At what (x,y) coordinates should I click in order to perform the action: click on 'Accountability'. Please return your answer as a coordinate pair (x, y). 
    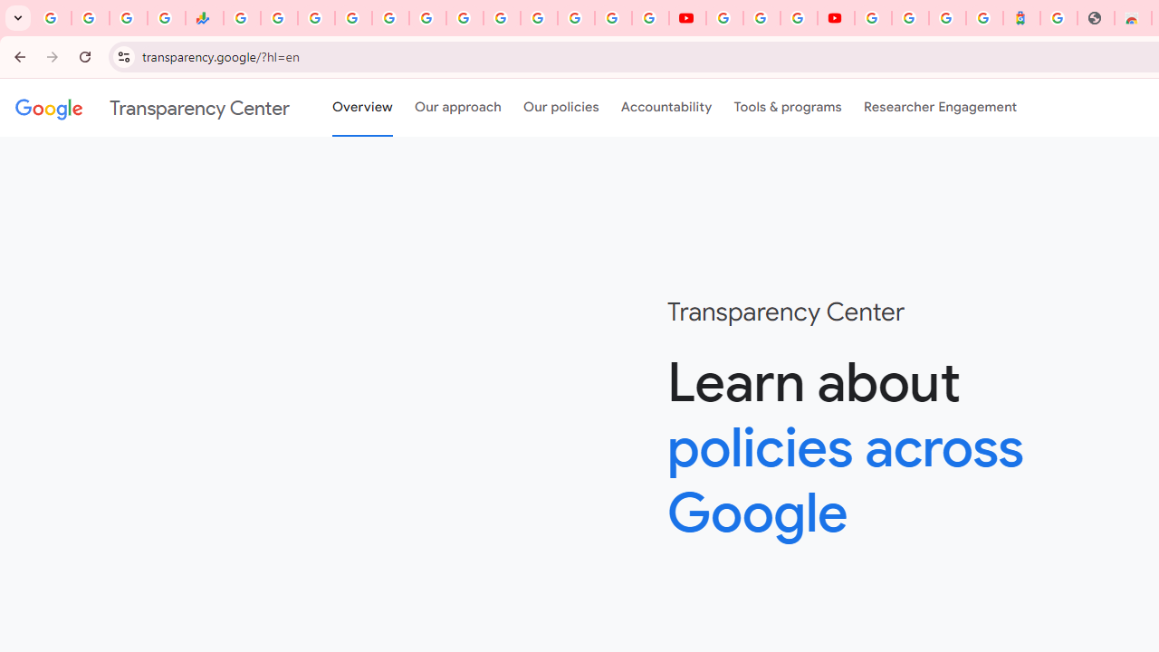
    Looking at the image, I should click on (666, 108).